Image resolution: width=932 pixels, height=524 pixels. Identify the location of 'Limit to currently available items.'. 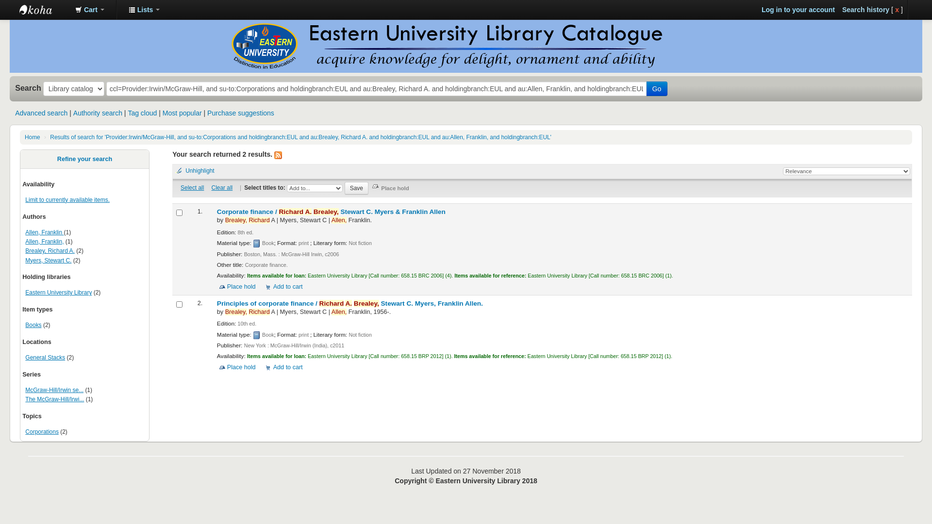
(67, 199).